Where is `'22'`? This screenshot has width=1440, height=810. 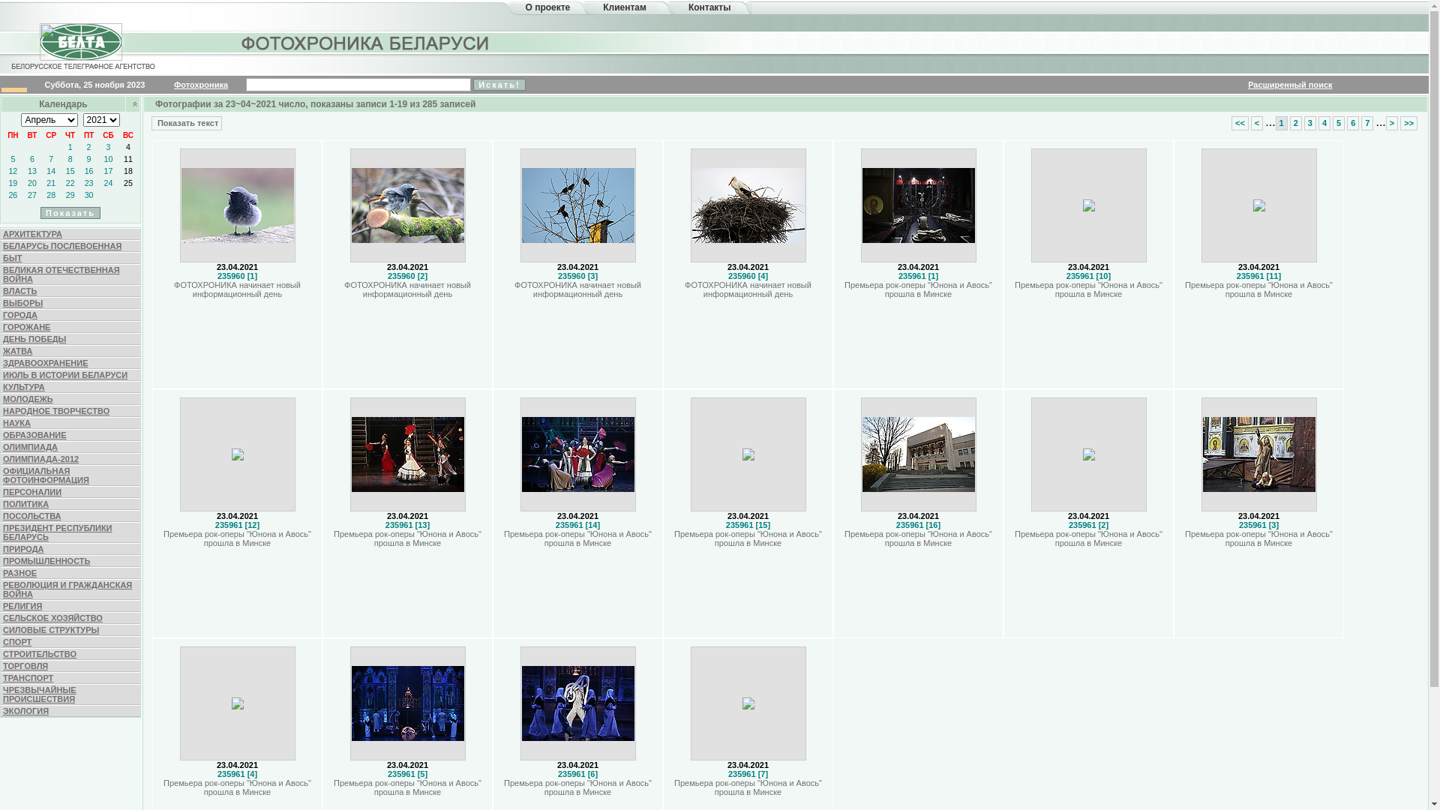
'22' is located at coordinates (70, 181).